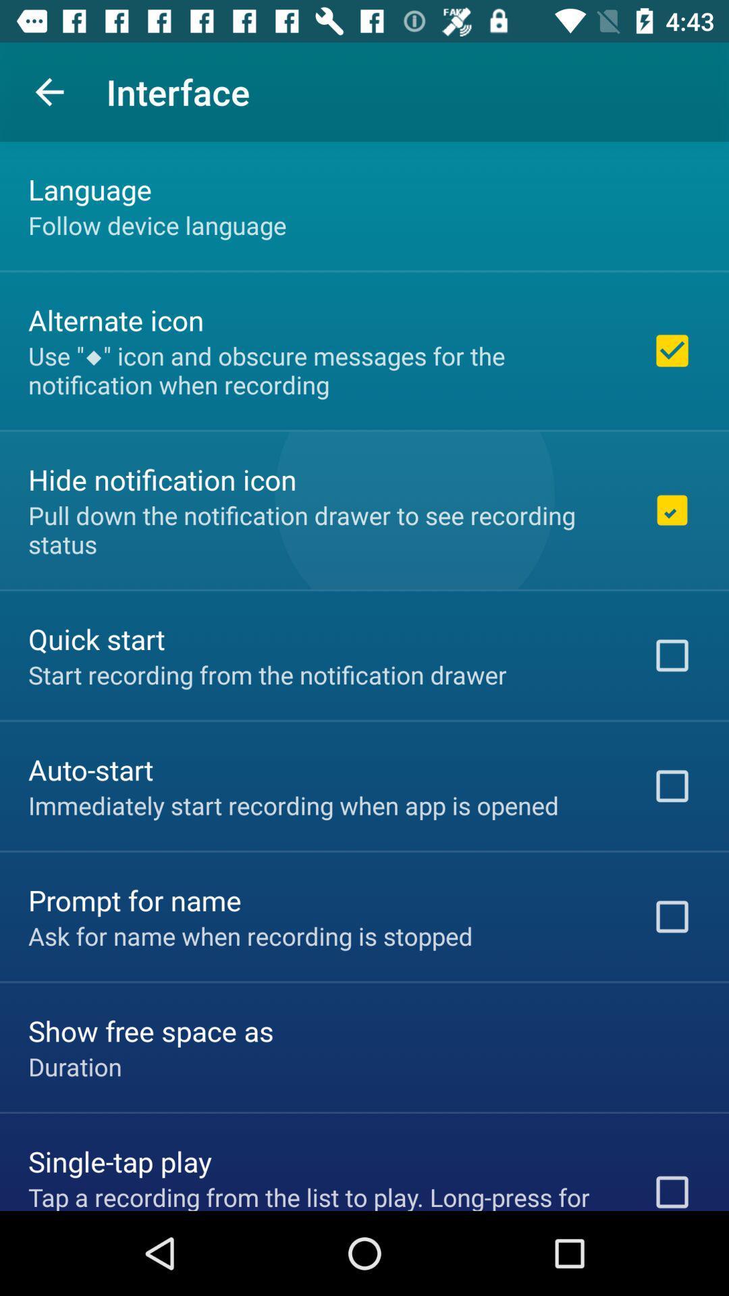 The image size is (729, 1296). I want to click on pull down the, so click(322, 529).